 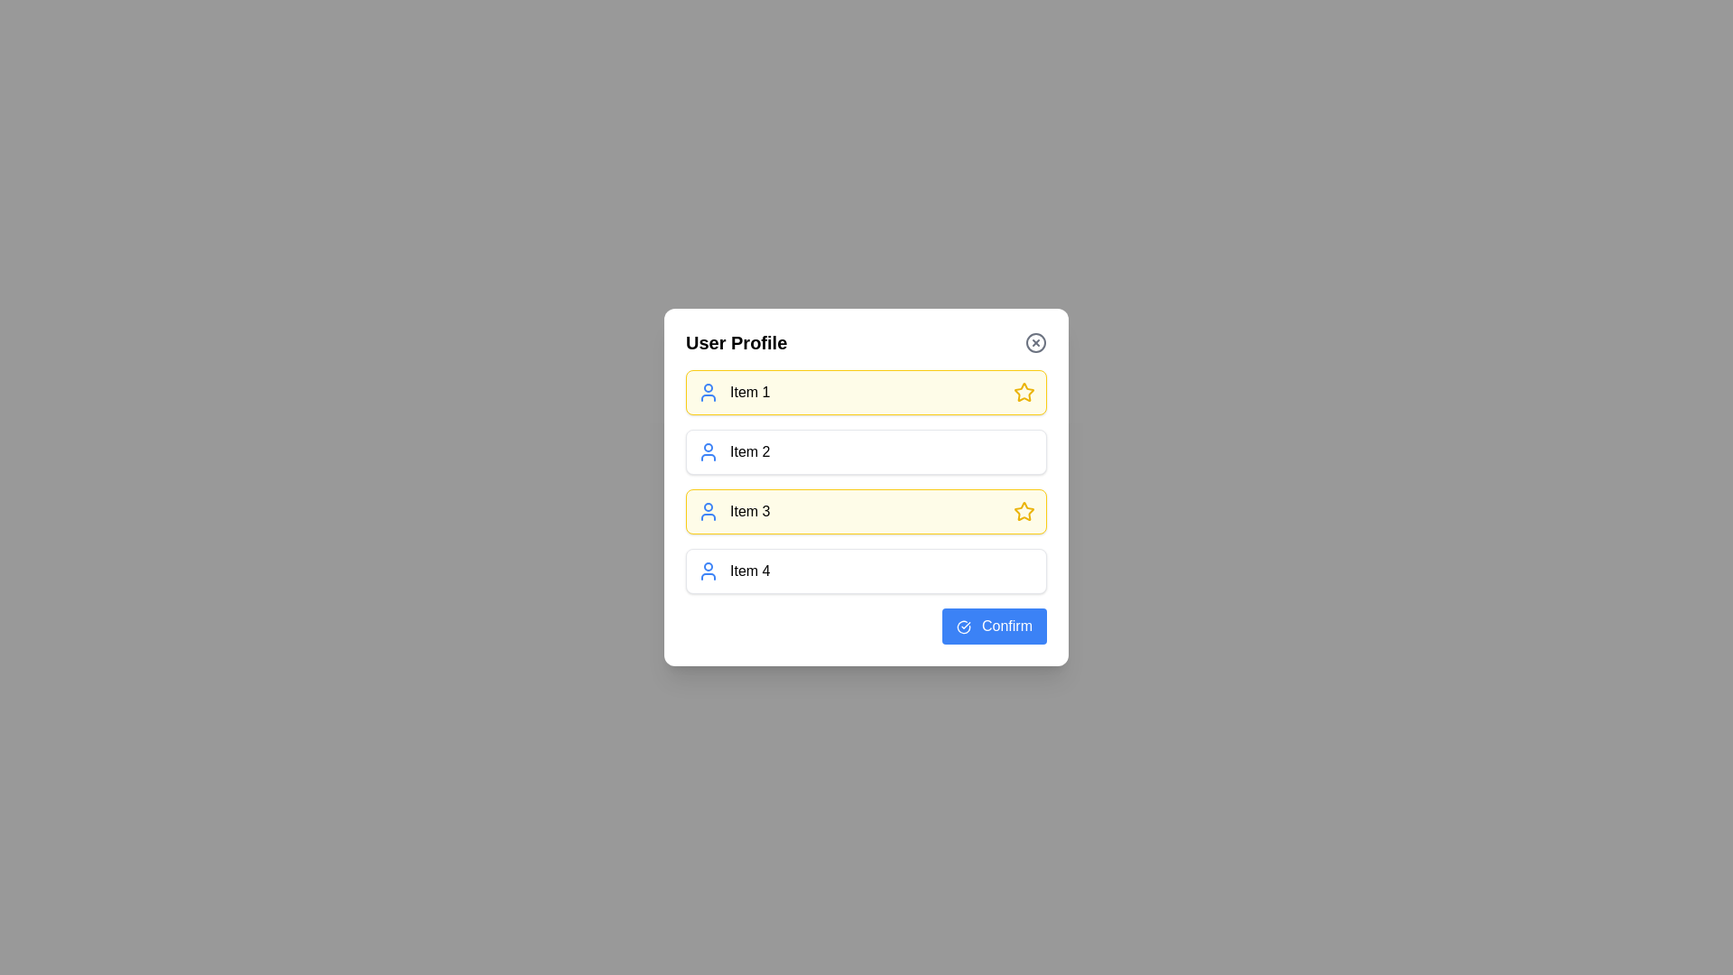 What do you see at coordinates (866, 392) in the screenshot?
I see `the first item in the vertical list under the dialog title 'User Profile'` at bounding box center [866, 392].